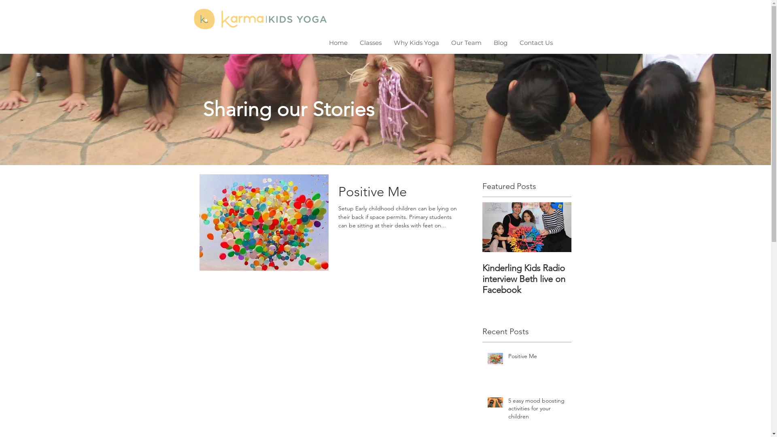 This screenshot has width=777, height=437. Describe the element at coordinates (537, 357) in the screenshot. I see `'Positive Me'` at that location.